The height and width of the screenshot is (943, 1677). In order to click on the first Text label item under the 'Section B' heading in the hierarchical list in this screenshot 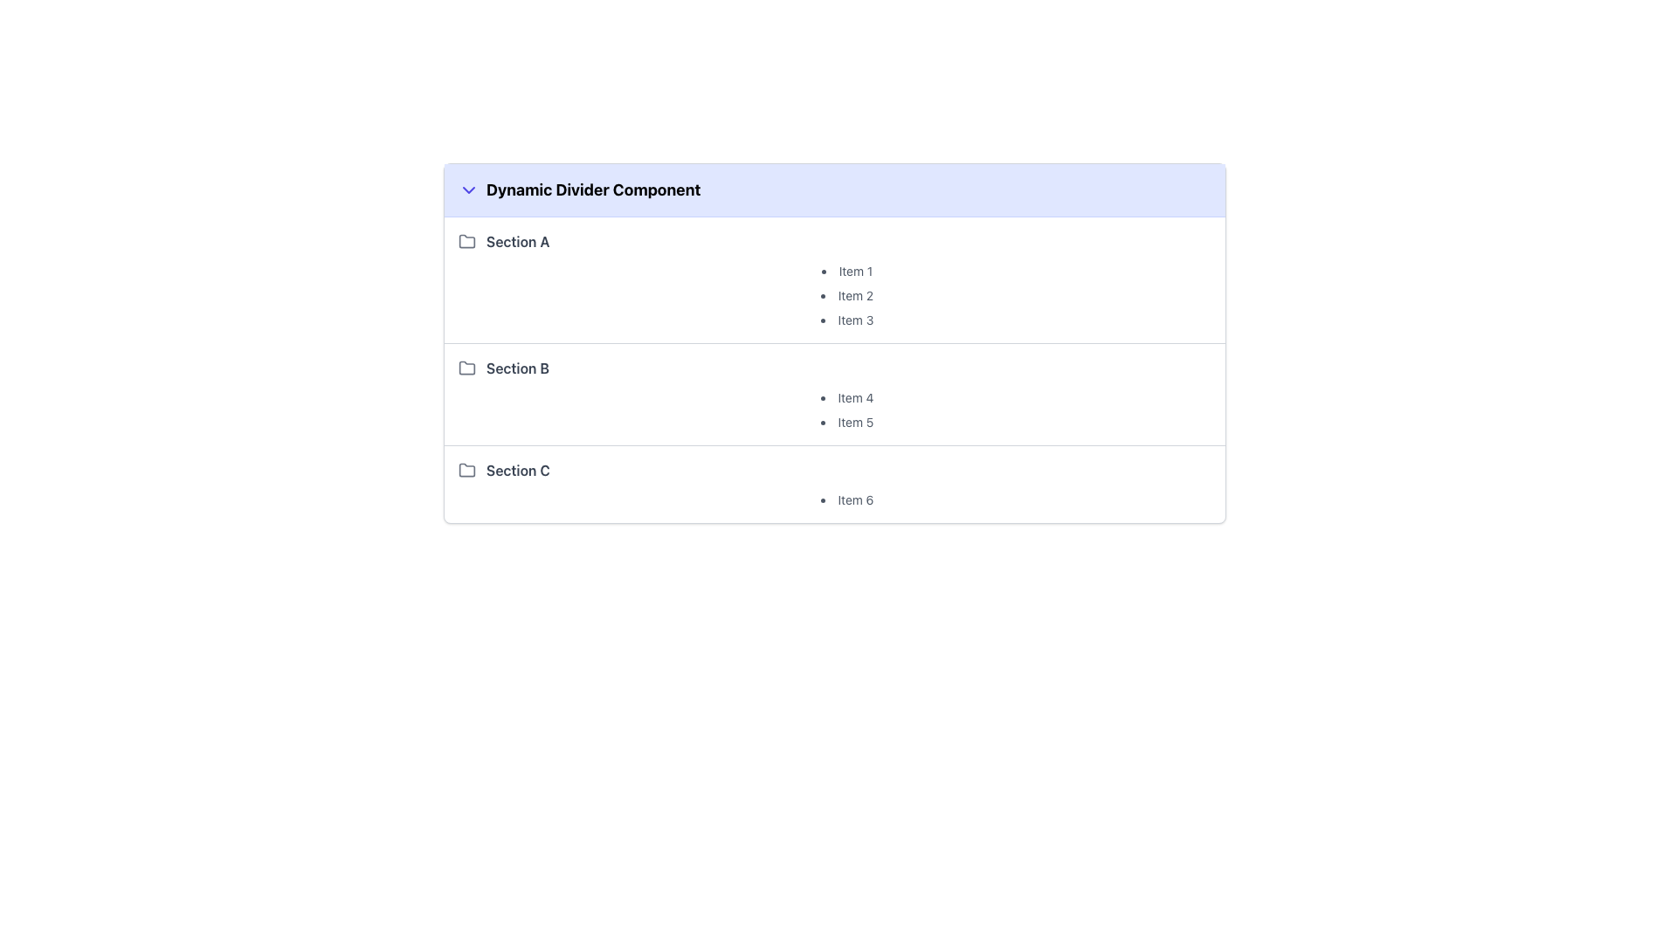, I will do `click(846, 397)`.